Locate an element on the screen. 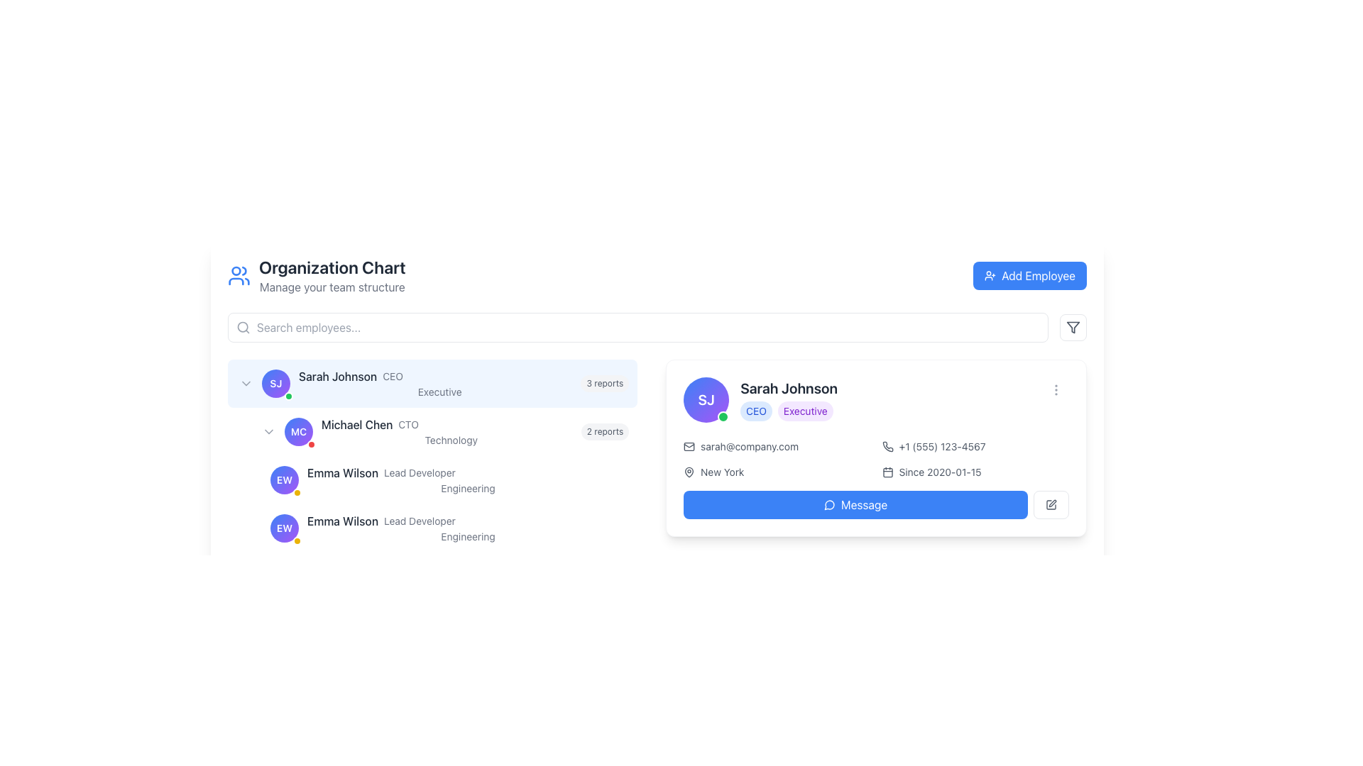 This screenshot has height=766, width=1363. the static text element displaying 'New York' located beneath the individual's name and contact information in the profile card layout is located at coordinates (722, 472).